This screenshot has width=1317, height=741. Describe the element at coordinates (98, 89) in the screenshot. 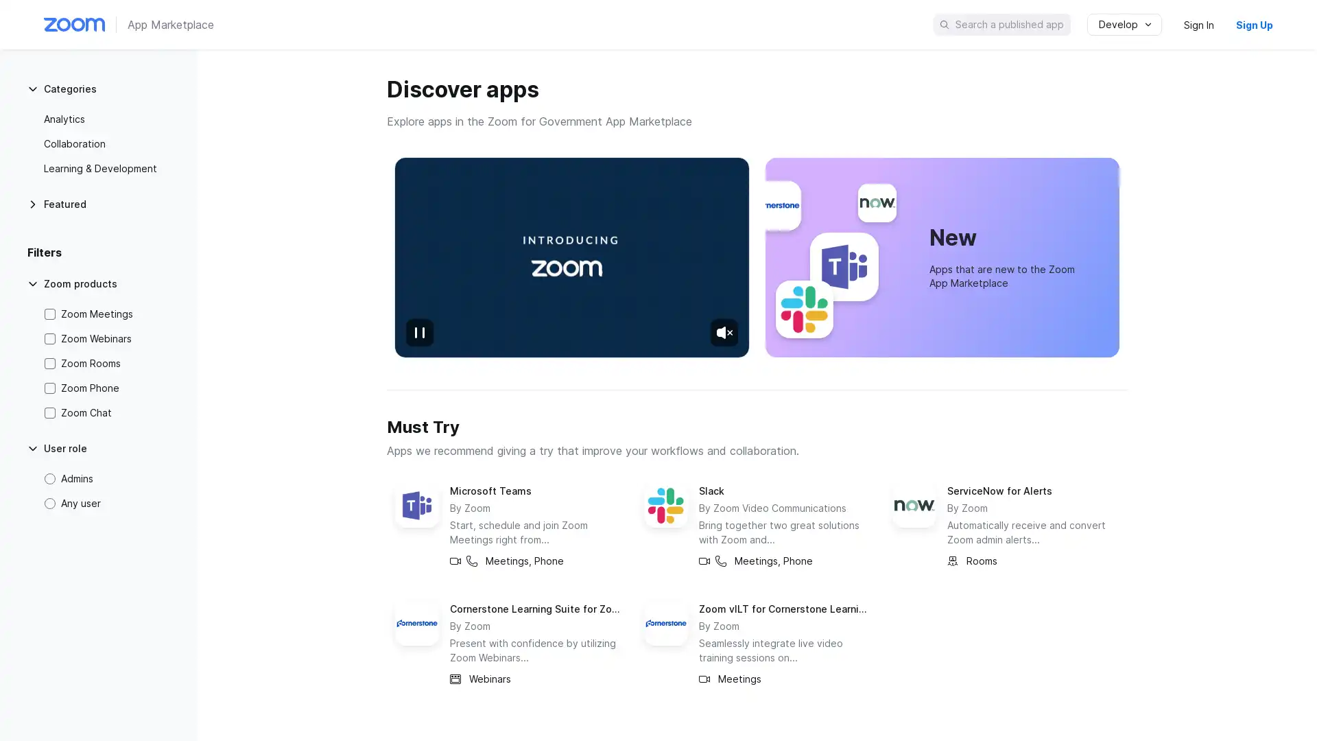

I see `Categories` at that location.